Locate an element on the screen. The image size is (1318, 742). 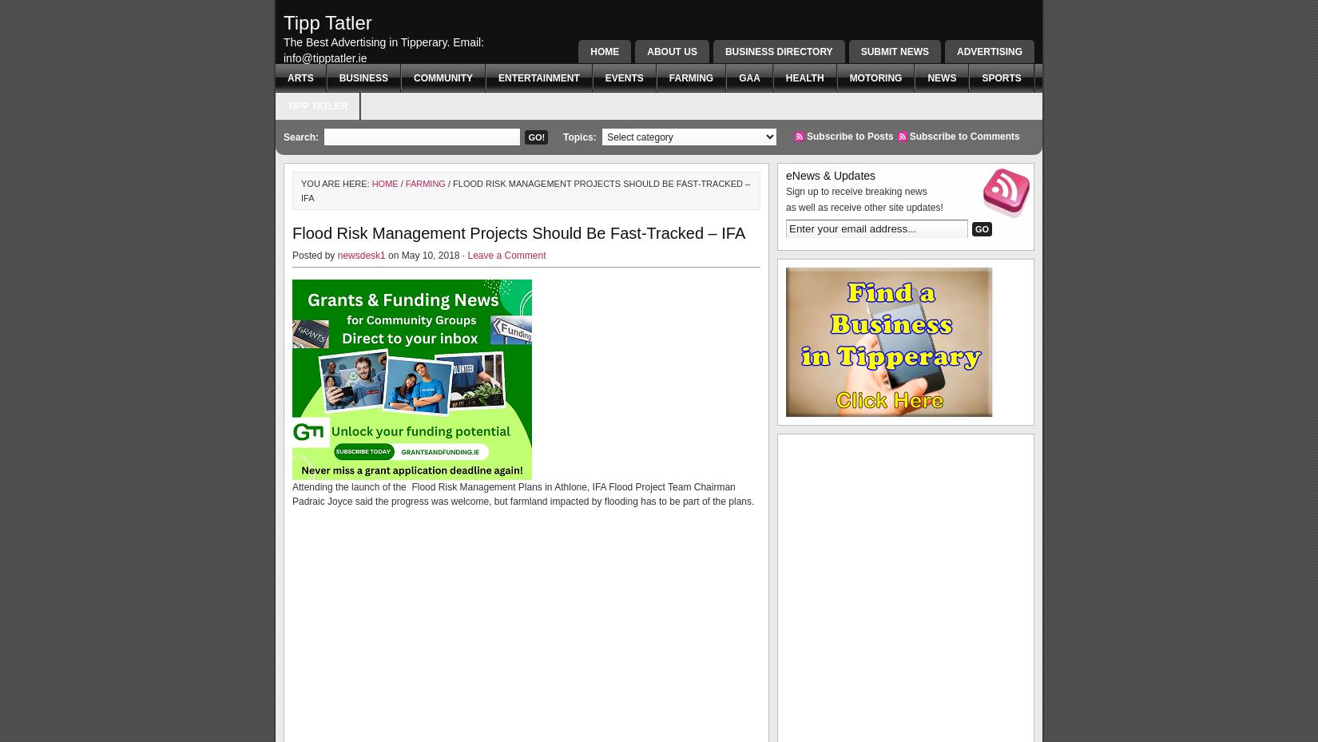
'Farming' is located at coordinates (423, 183).